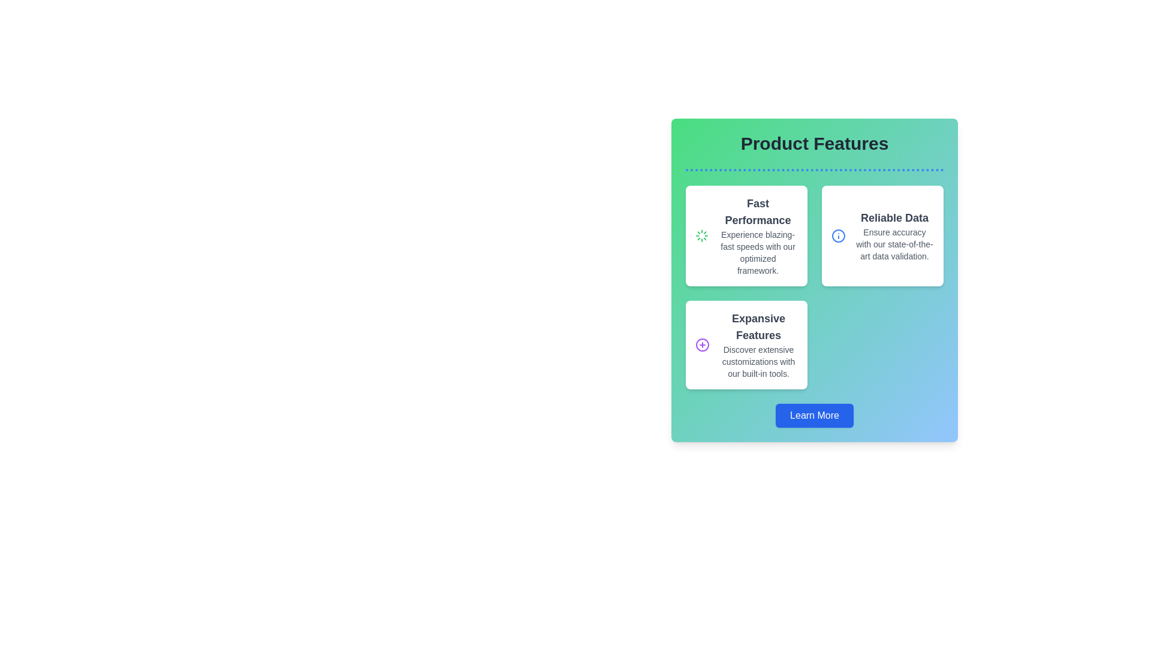  Describe the element at coordinates (758, 344) in the screenshot. I see `textual content of the text block which includes the heading 'Expansive Features' and the description 'Discover extensive customizations with our built-in tools.' located in the bottom left corner of the third card under 'Product Features'` at that location.